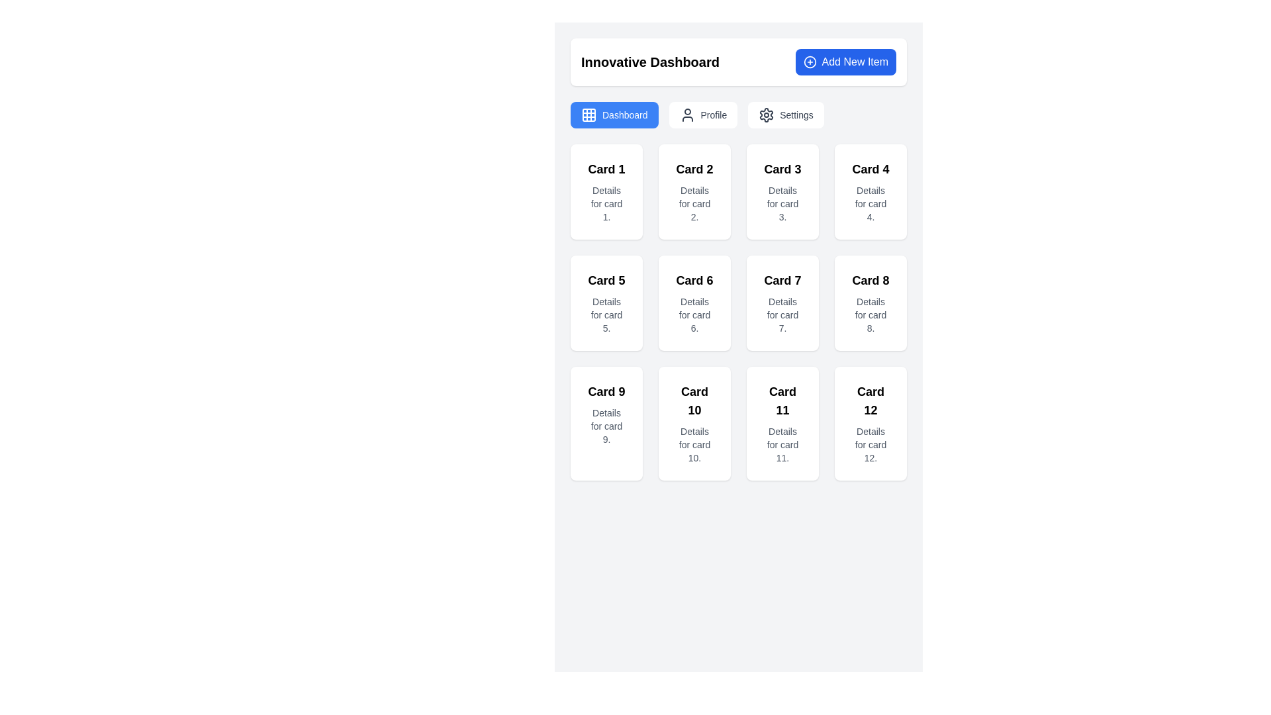 This screenshot has height=715, width=1271. What do you see at coordinates (845, 62) in the screenshot?
I see `the 'Add New Item' button with a blue background and white text` at bounding box center [845, 62].